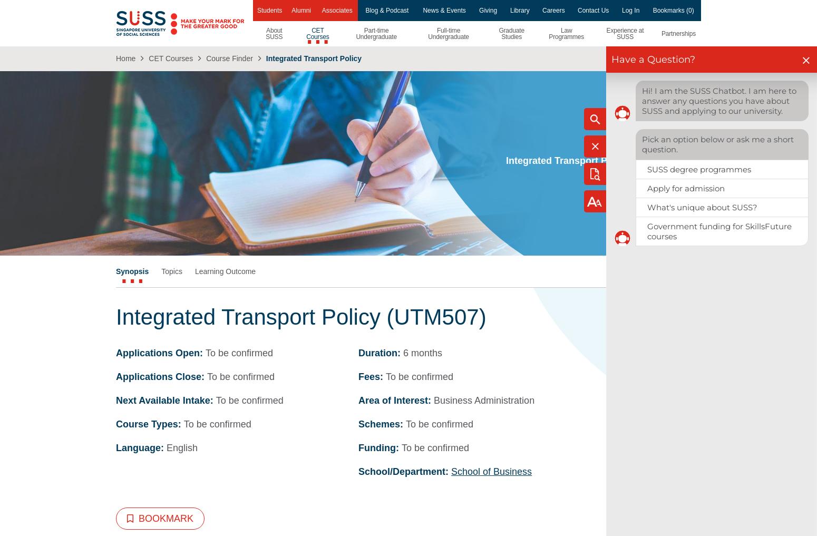 The height and width of the screenshot is (536, 817). Describe the element at coordinates (181, 447) in the screenshot. I see `'English'` at that location.